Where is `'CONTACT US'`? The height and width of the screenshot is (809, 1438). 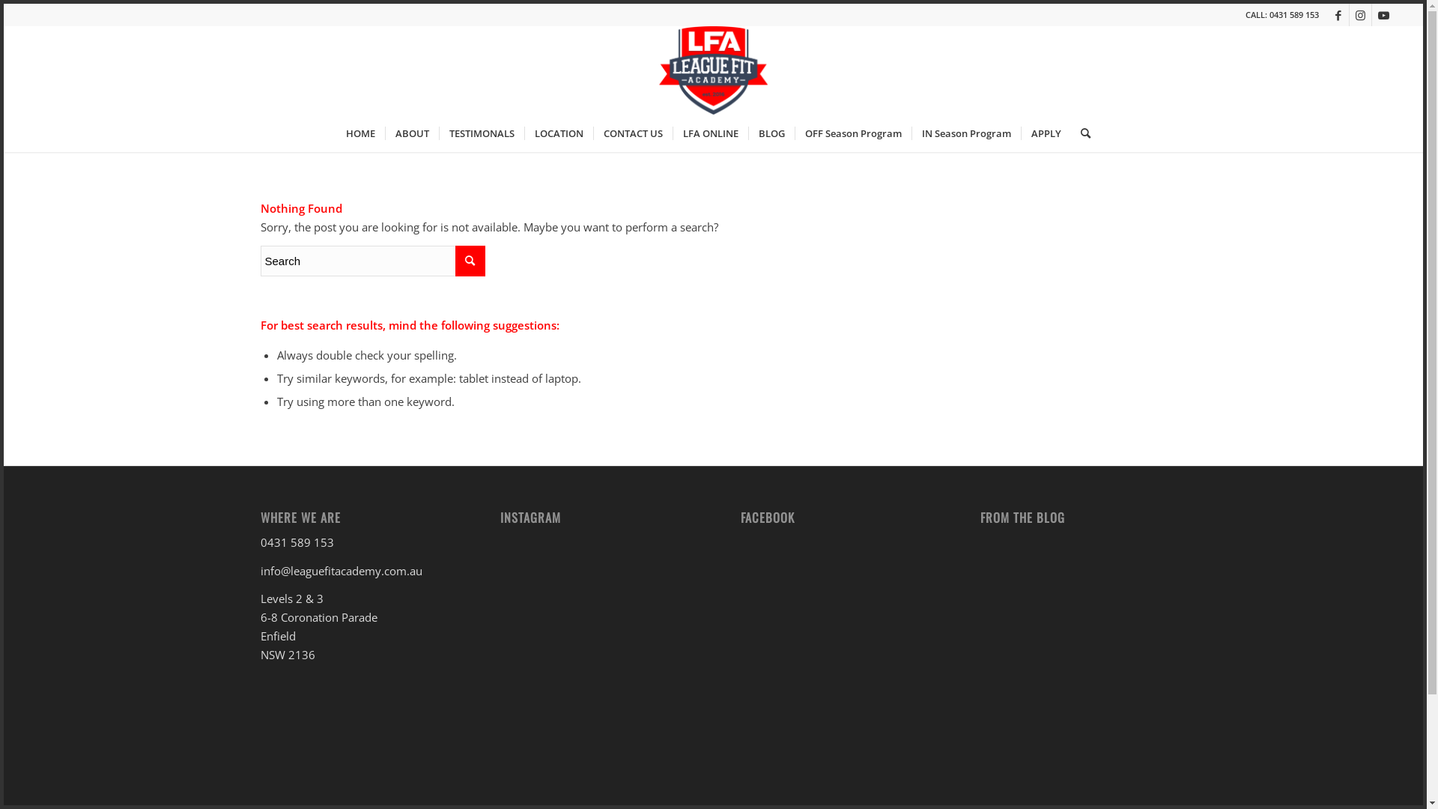
'CONTACT US' is located at coordinates (632, 132).